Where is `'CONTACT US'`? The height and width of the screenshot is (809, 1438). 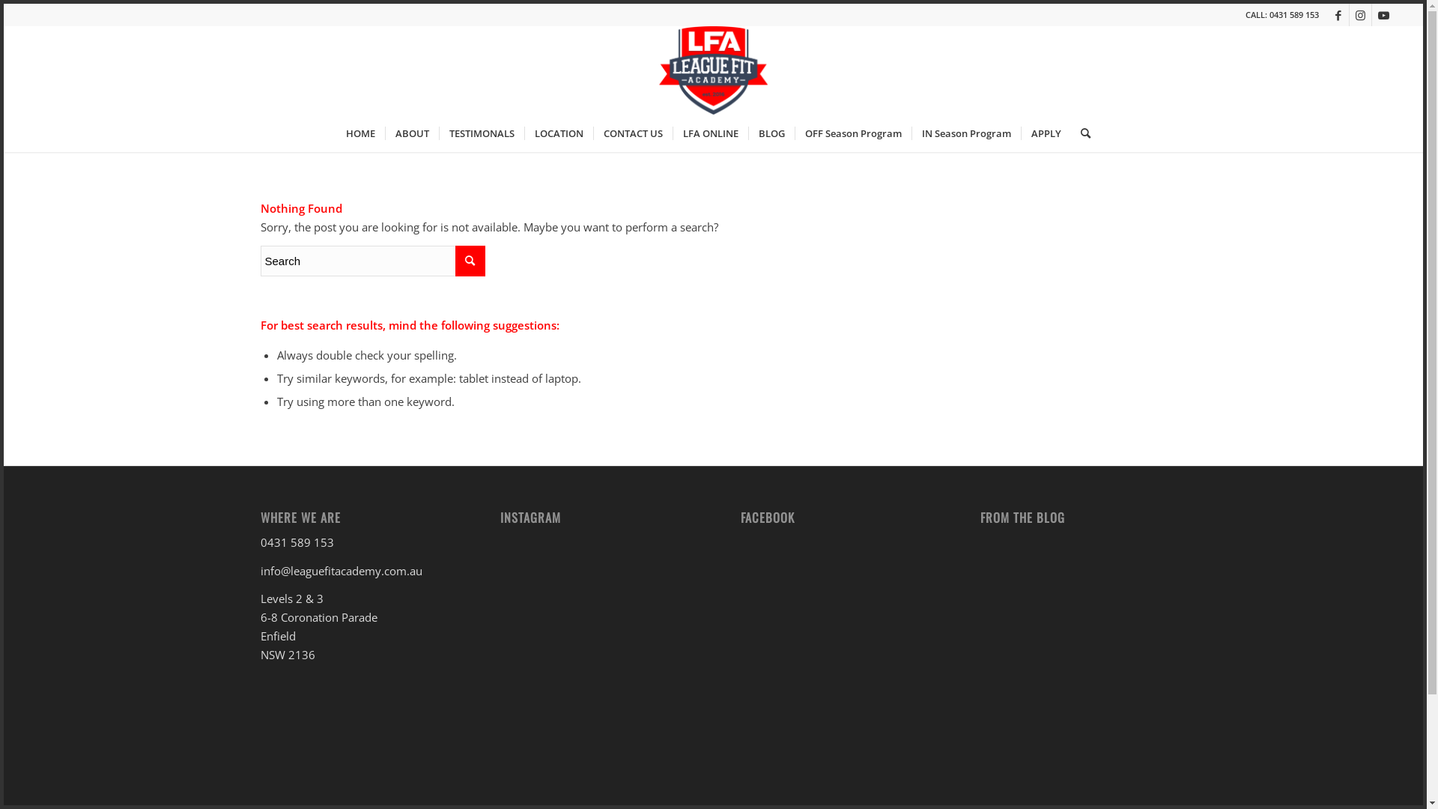
'CONTACT US' is located at coordinates (632, 132).